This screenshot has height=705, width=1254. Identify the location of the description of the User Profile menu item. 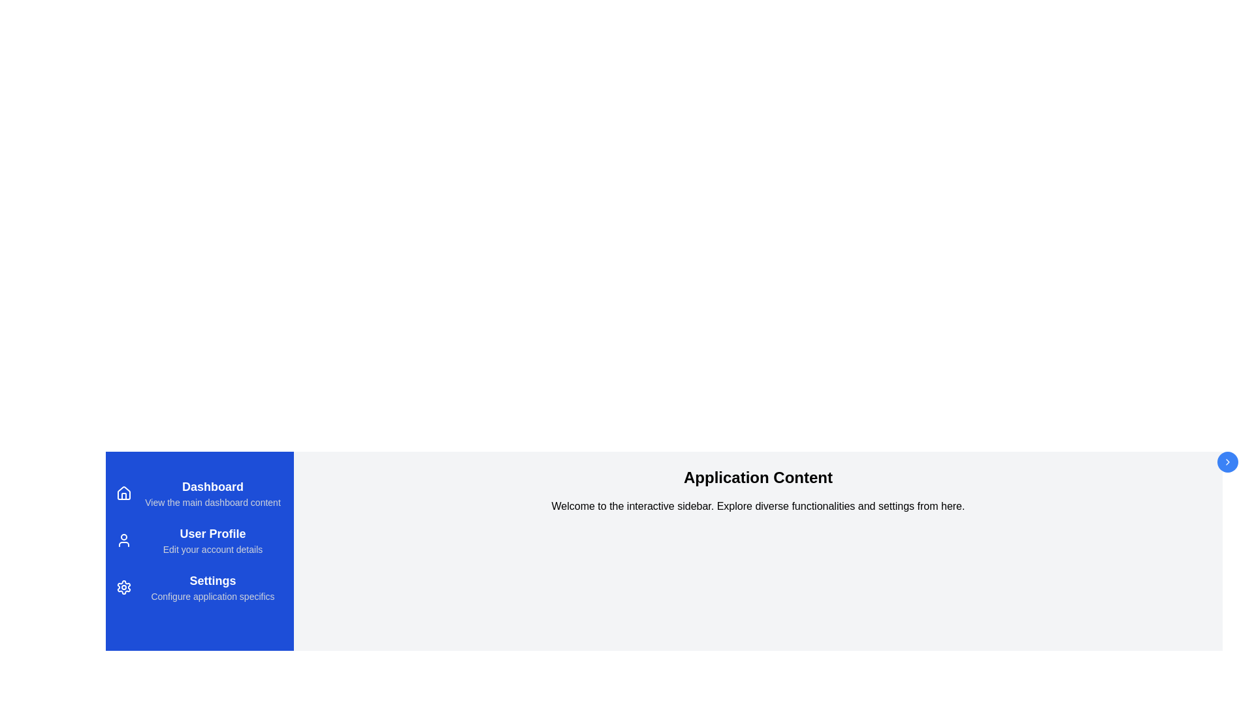
(213, 533).